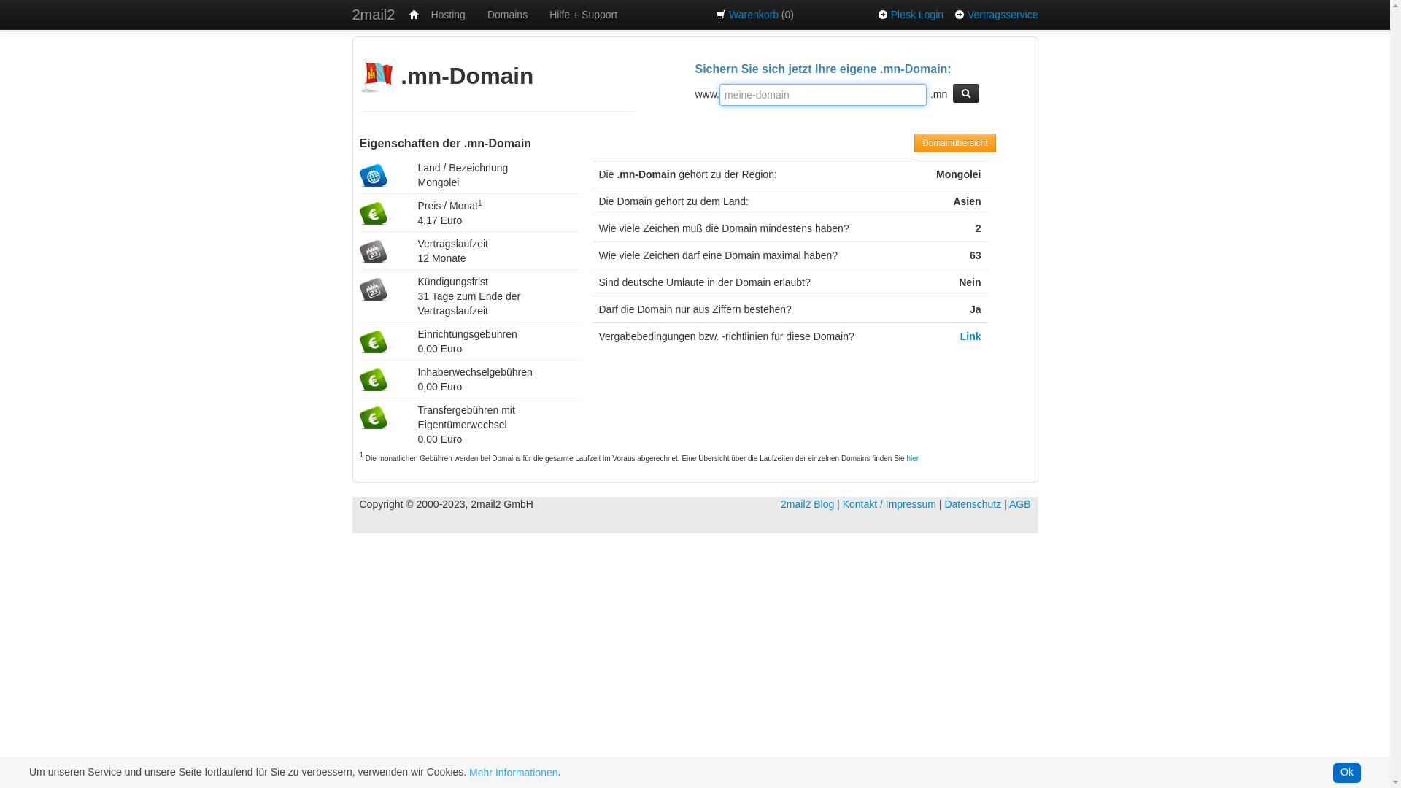 The height and width of the screenshot is (788, 1401). I want to click on '2mail2', so click(373, 14).